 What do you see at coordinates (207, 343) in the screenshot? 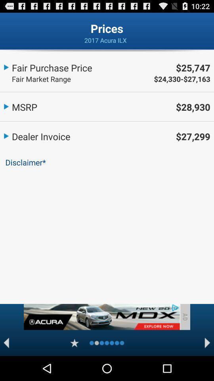
I see `next` at bounding box center [207, 343].